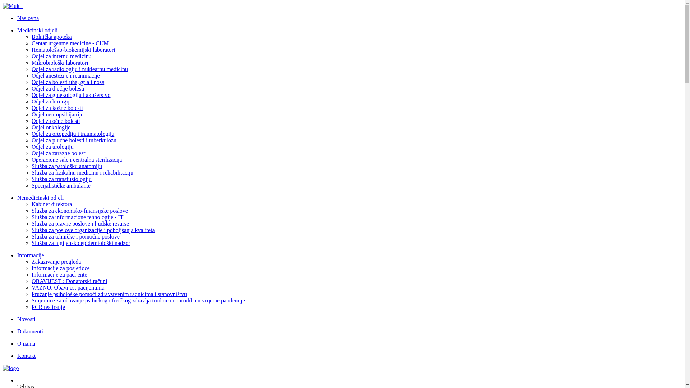 The height and width of the screenshot is (388, 690). Describe the element at coordinates (57, 114) in the screenshot. I see `'Odjel neuropsihijatrije'` at that location.